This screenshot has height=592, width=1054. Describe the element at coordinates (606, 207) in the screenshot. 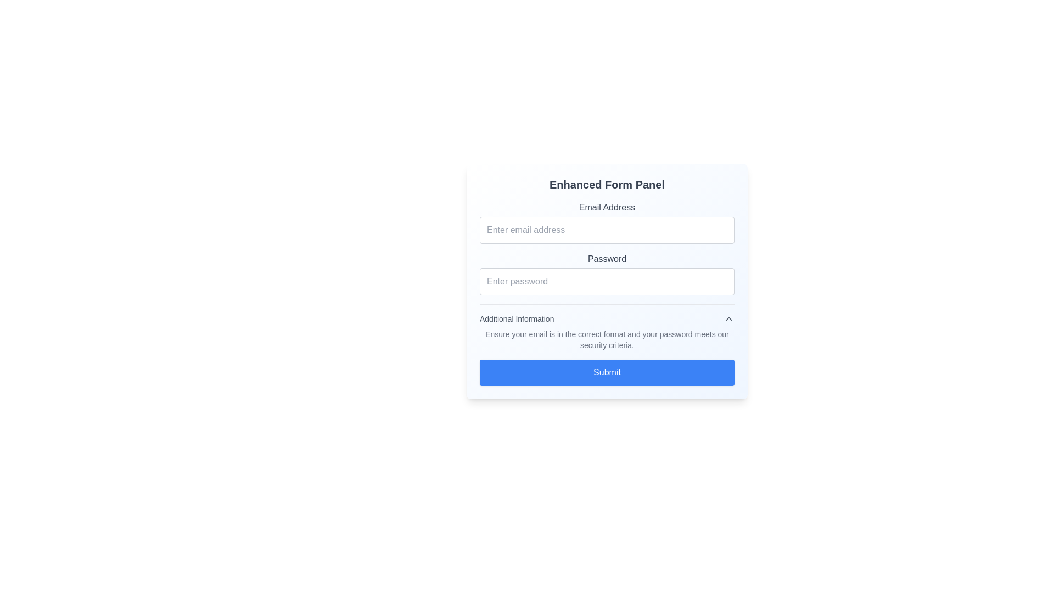

I see `the 'Email Address' text label, which is displayed in a gray color above the input field for entering email addresses` at that location.